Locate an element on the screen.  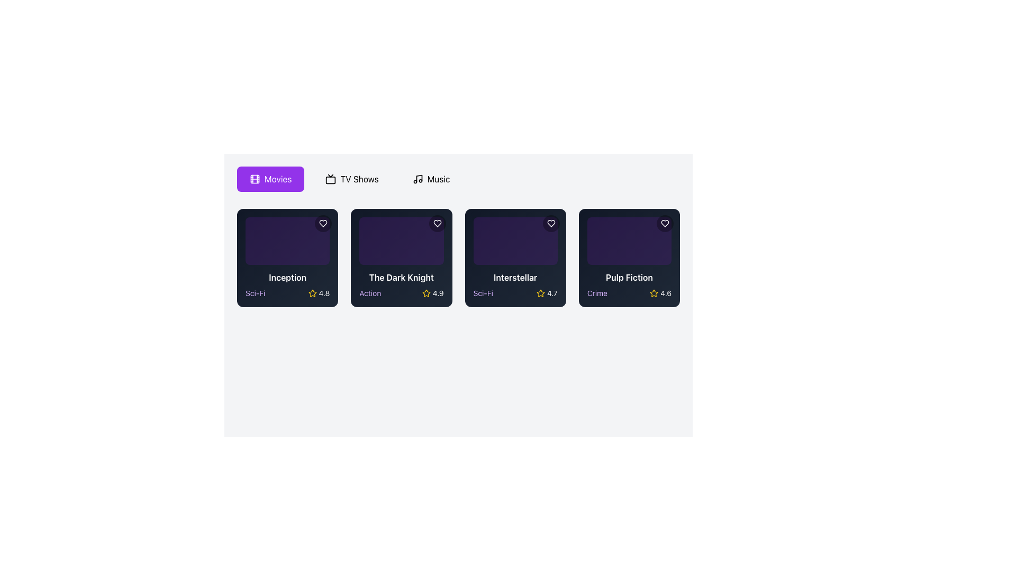
the film roll icon located to the left of the 'Movies' text label, which is set against a purple background in the upper-left section of the interface is located at coordinates (255, 179).